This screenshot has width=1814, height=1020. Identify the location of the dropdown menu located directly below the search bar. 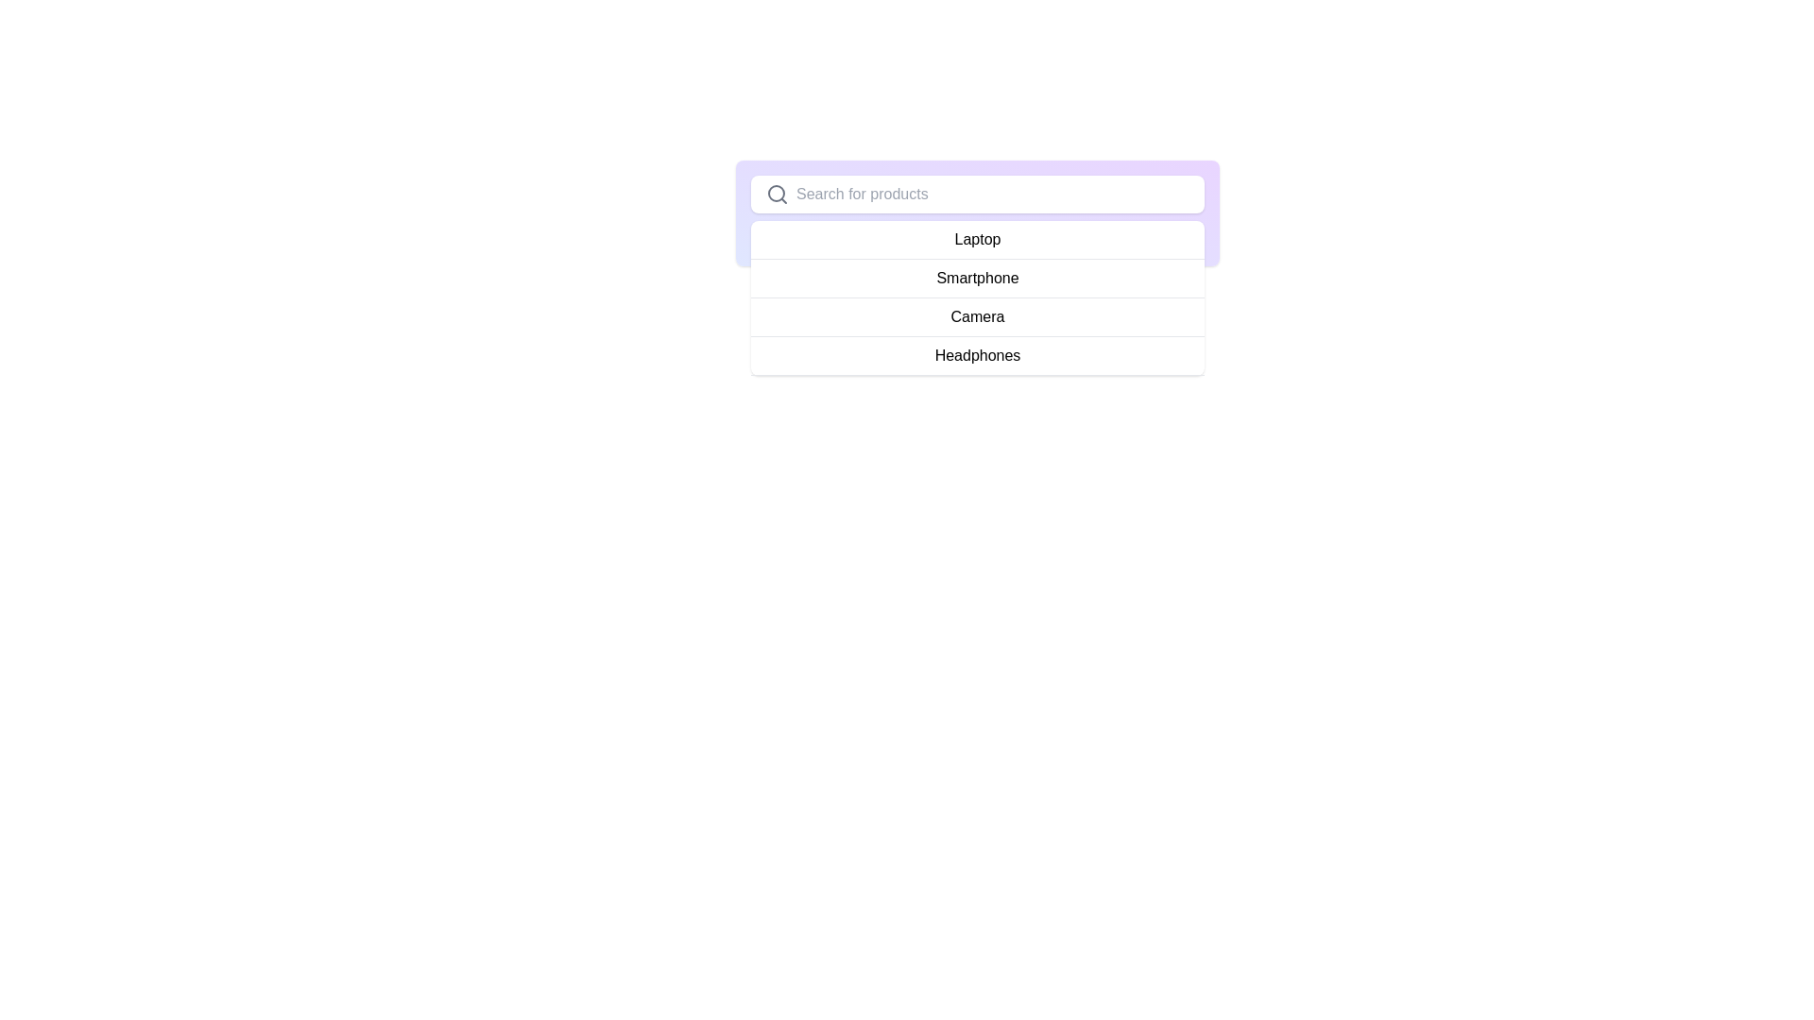
(978, 297).